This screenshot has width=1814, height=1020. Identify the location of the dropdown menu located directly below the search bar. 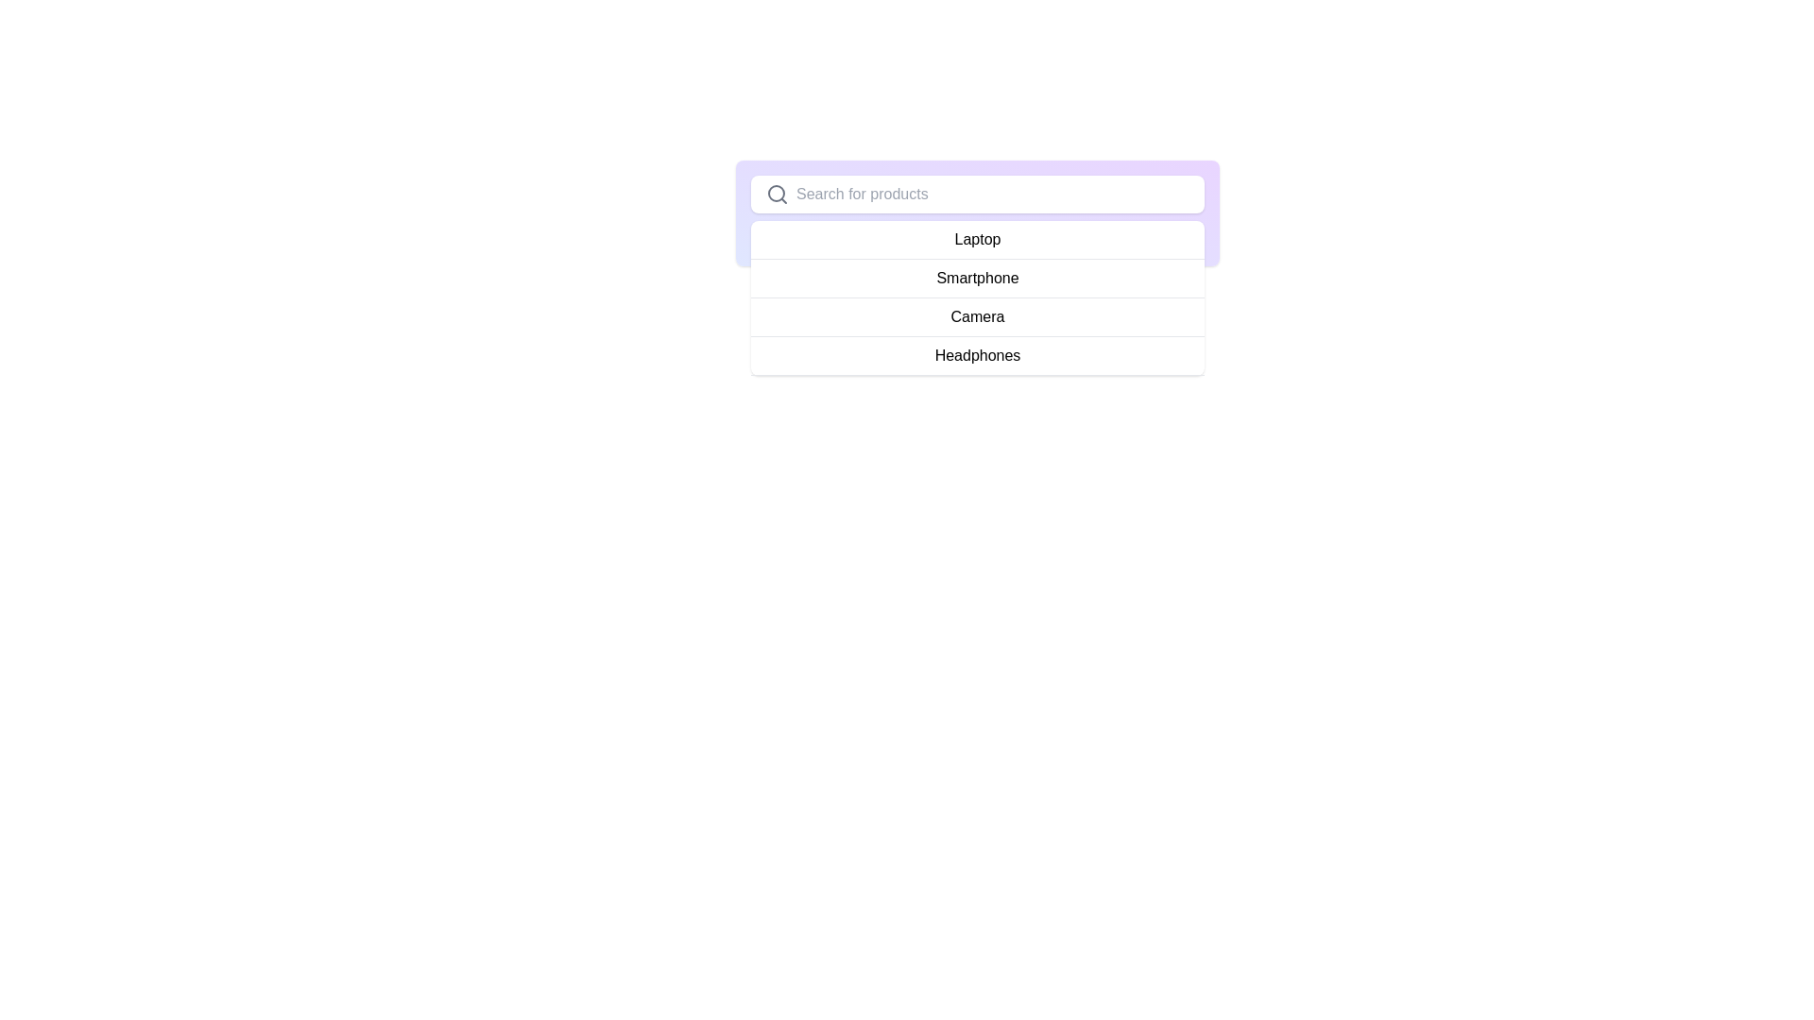
(978, 297).